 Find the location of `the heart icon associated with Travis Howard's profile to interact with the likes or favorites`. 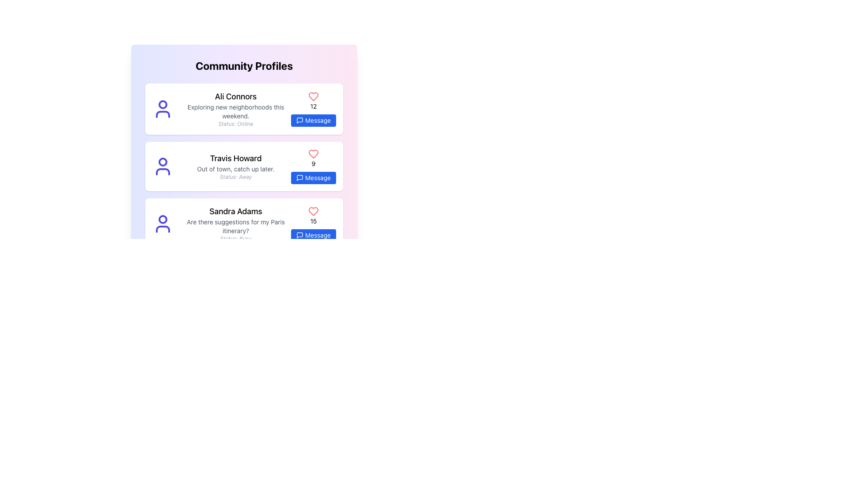

the heart icon associated with Travis Howard's profile to interact with the likes or favorites is located at coordinates (314, 153).